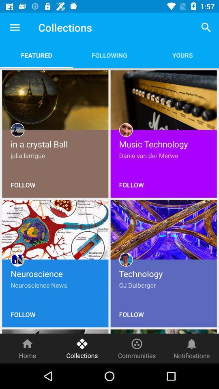 This screenshot has height=389, width=219. I want to click on icon to the right of the featured, so click(109, 55).